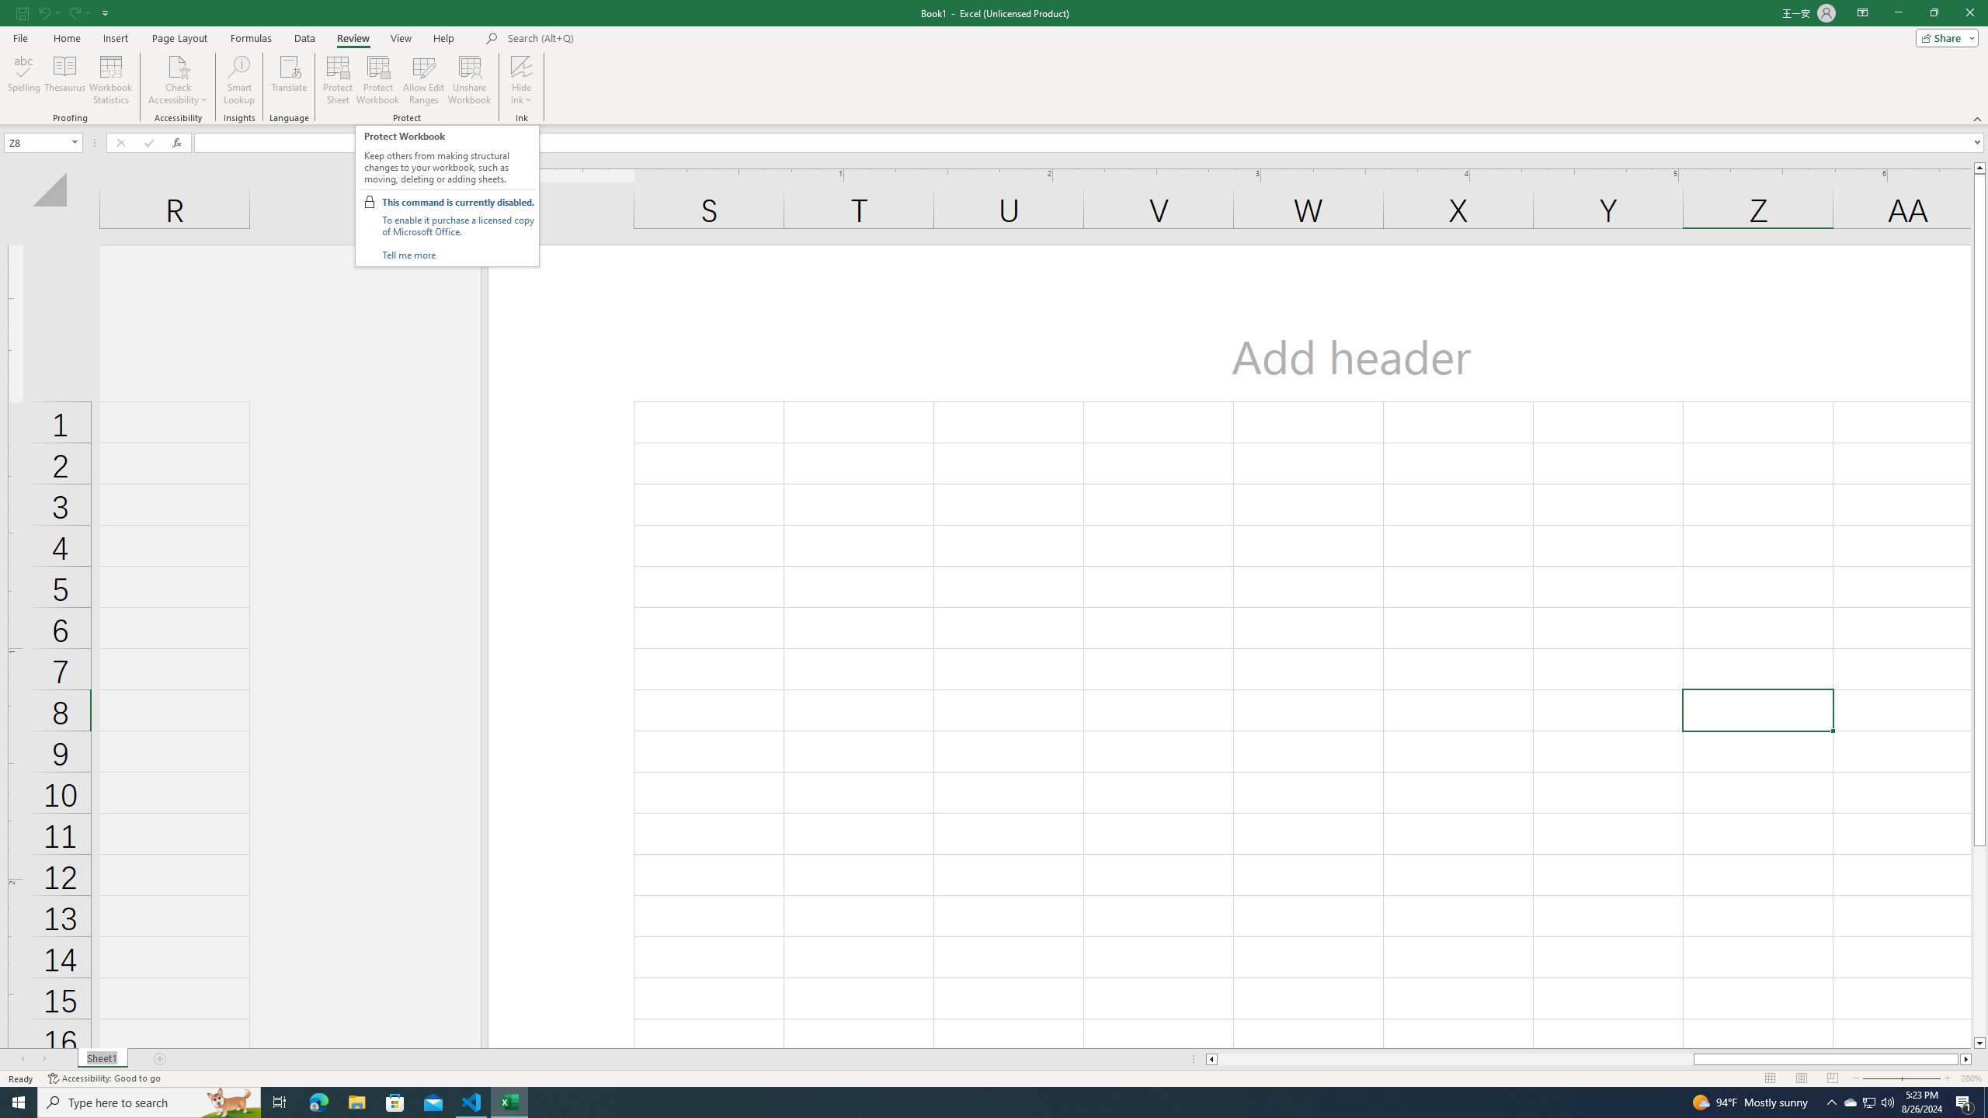 The height and width of the screenshot is (1118, 1988). Describe the element at coordinates (238, 80) in the screenshot. I see `'Smart Lookup'` at that location.